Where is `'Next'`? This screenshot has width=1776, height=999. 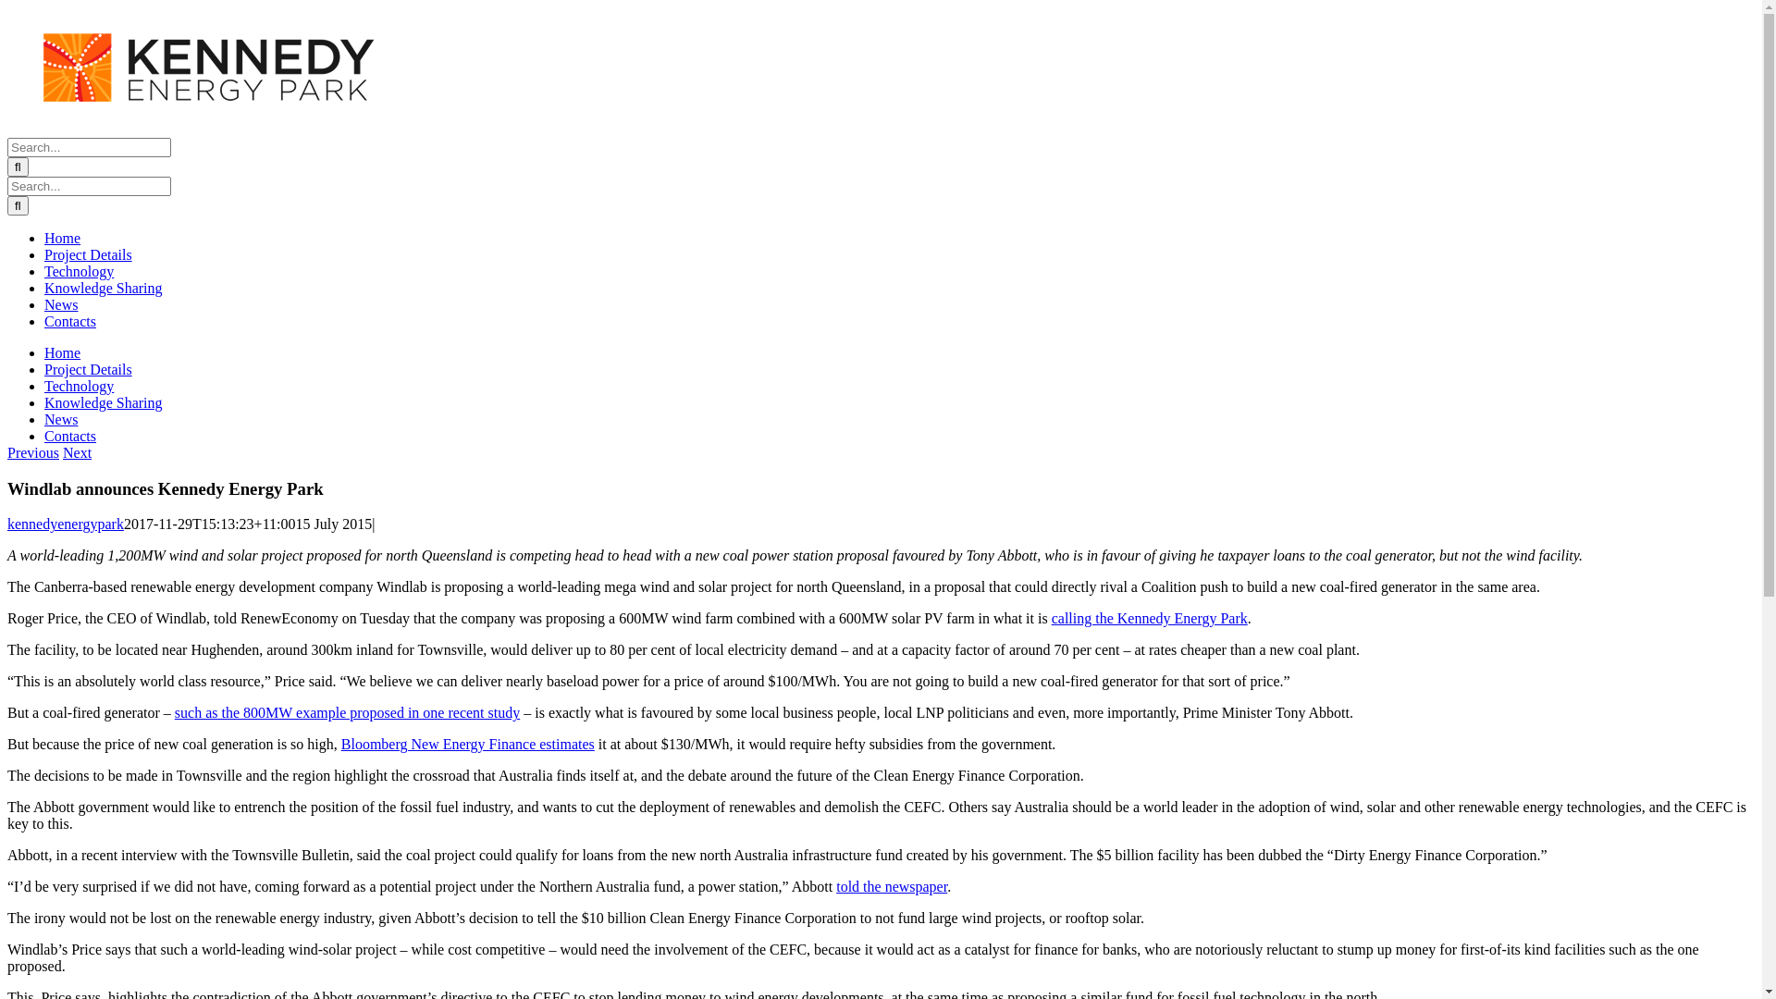
'Next' is located at coordinates (62, 452).